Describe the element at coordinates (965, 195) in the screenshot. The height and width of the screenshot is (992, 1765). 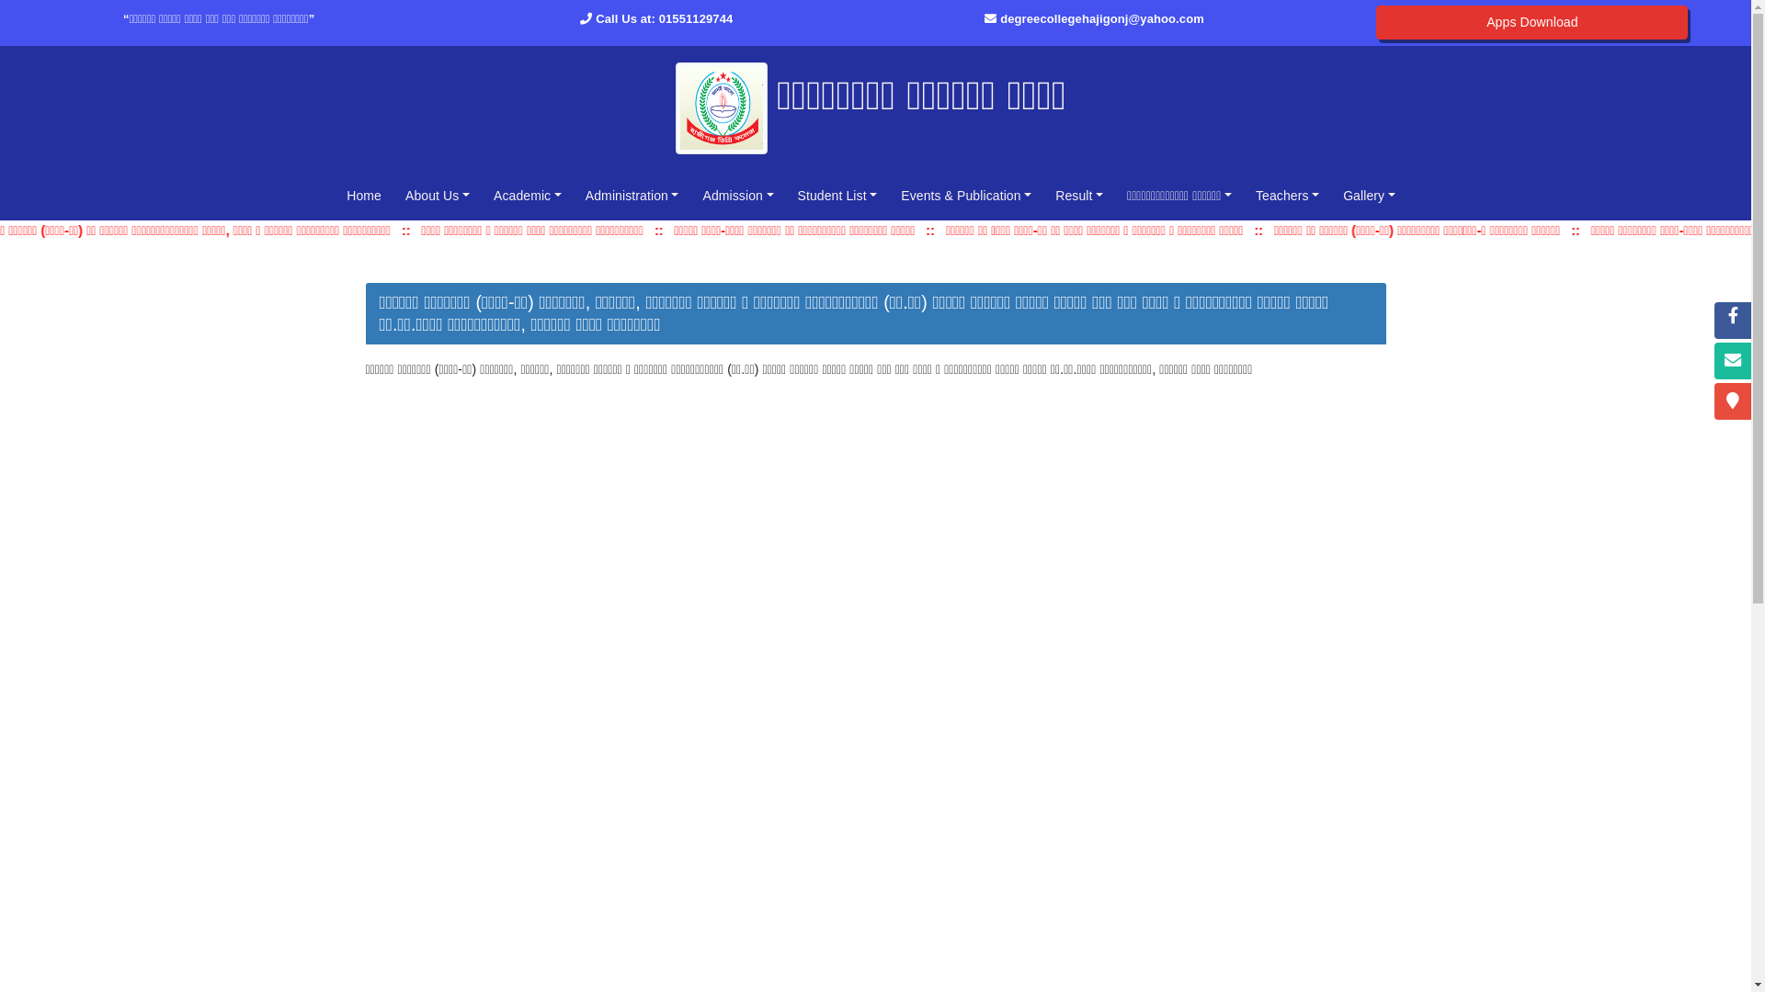
I see `'Events & Publication'` at that location.